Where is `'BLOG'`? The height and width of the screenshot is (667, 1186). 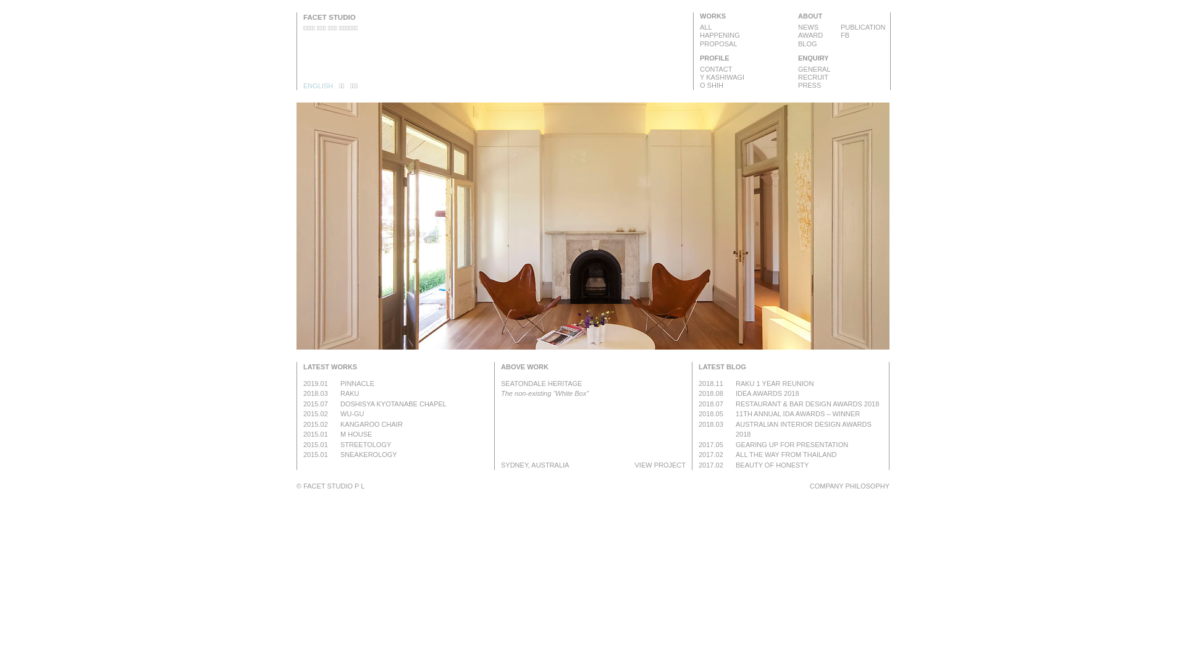 'BLOG' is located at coordinates (797, 43).